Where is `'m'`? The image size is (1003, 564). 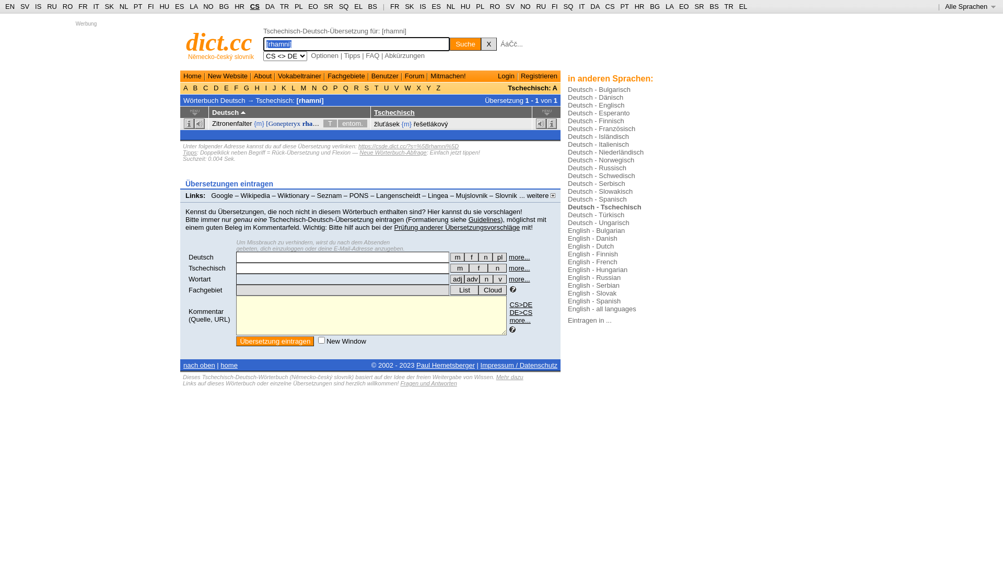 'm' is located at coordinates (459, 267).